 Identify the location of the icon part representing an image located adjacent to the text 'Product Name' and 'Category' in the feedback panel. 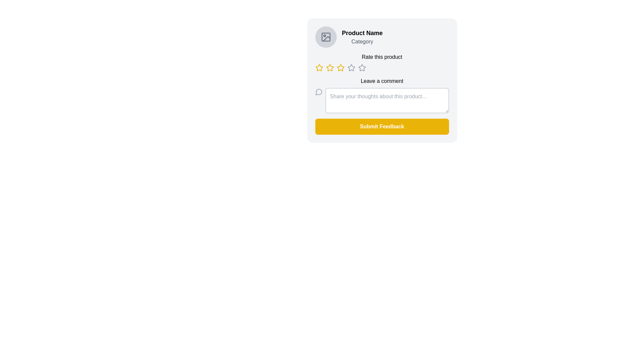
(326, 37).